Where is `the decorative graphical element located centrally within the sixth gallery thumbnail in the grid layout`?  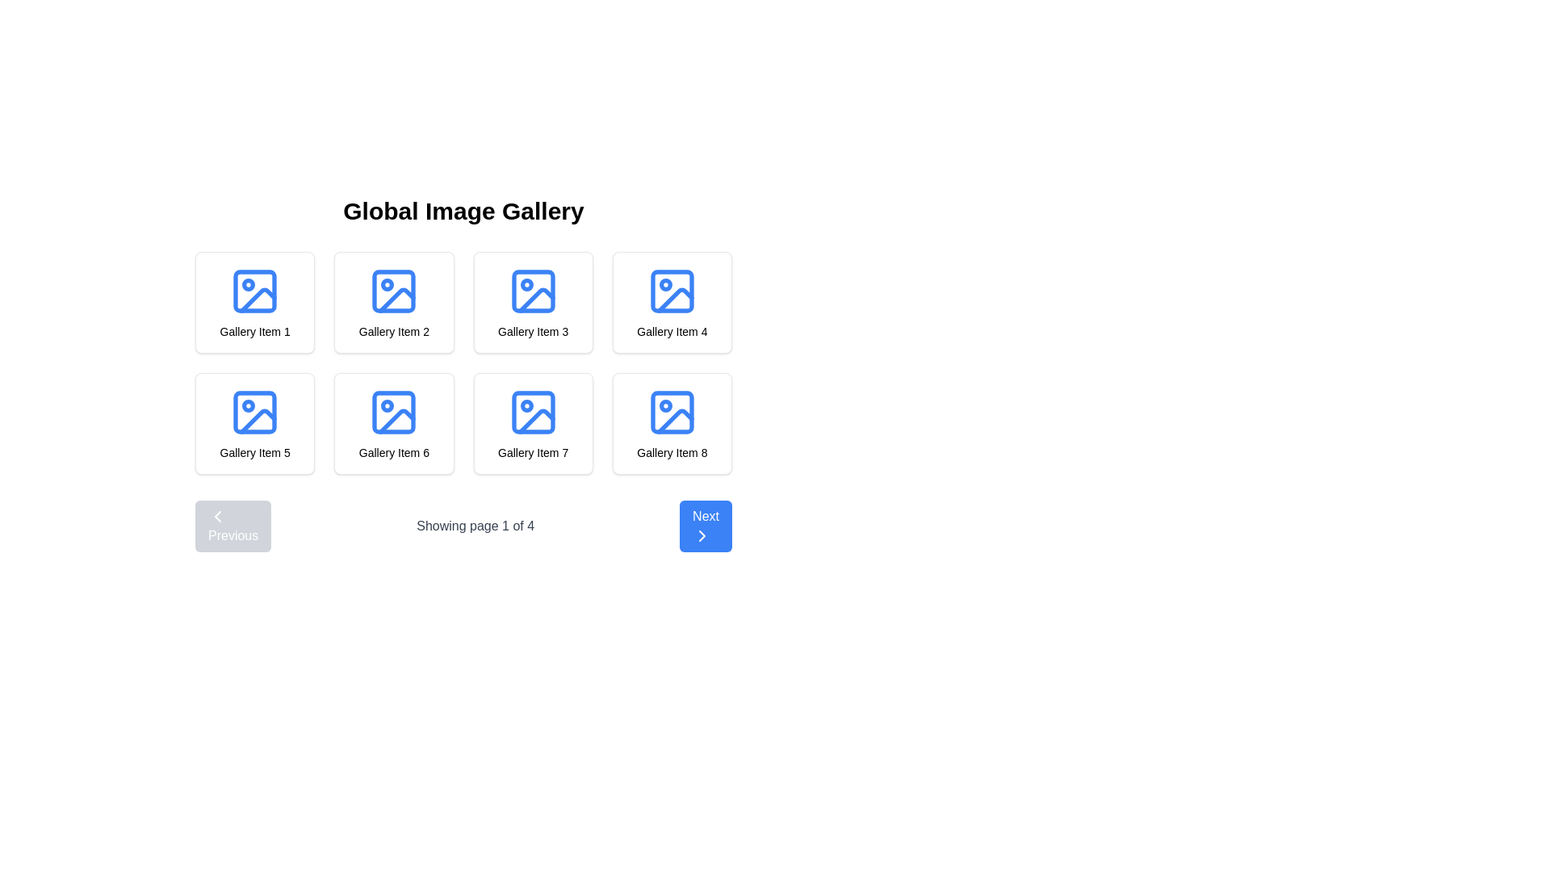 the decorative graphical element located centrally within the sixth gallery thumbnail in the grid layout is located at coordinates (394, 411).